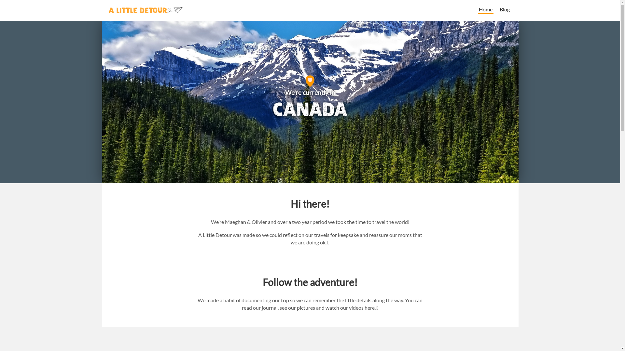 This screenshot has width=625, height=351. What do you see at coordinates (504, 10) in the screenshot?
I see `'Blog'` at bounding box center [504, 10].